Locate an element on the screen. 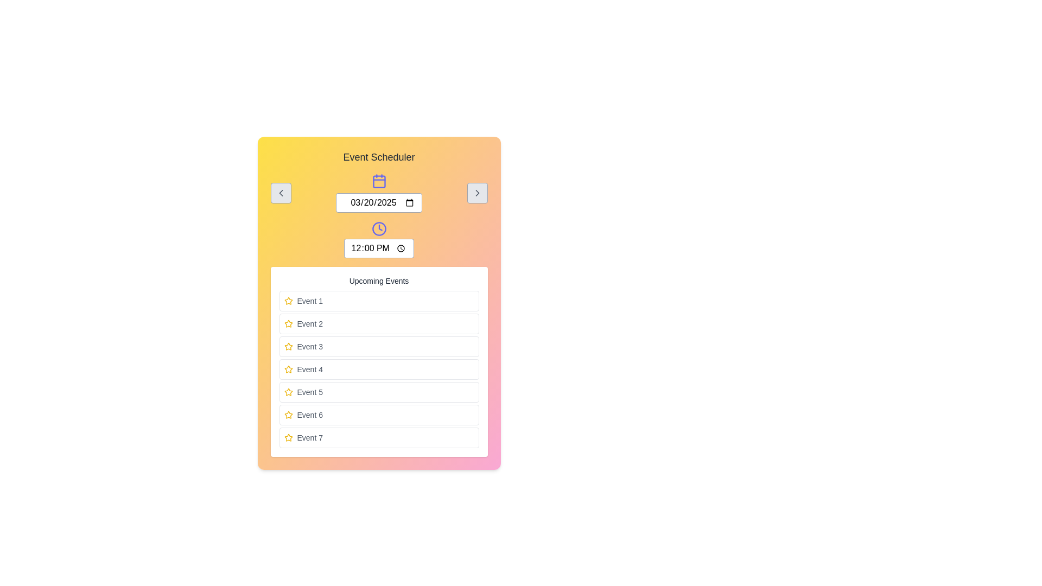 The image size is (1042, 586). the second star-shaped icon, which is yellow and located next to the text 'Event 2' in the Upcoming Events list is located at coordinates (288, 323).